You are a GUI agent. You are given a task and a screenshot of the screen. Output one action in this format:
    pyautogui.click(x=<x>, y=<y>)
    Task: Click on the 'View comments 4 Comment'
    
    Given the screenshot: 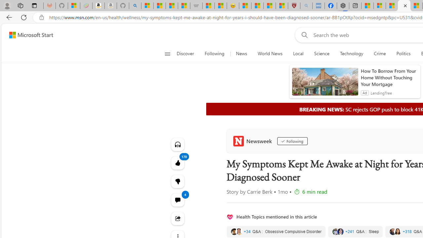 What is the action you would take?
    pyautogui.click(x=177, y=199)
    